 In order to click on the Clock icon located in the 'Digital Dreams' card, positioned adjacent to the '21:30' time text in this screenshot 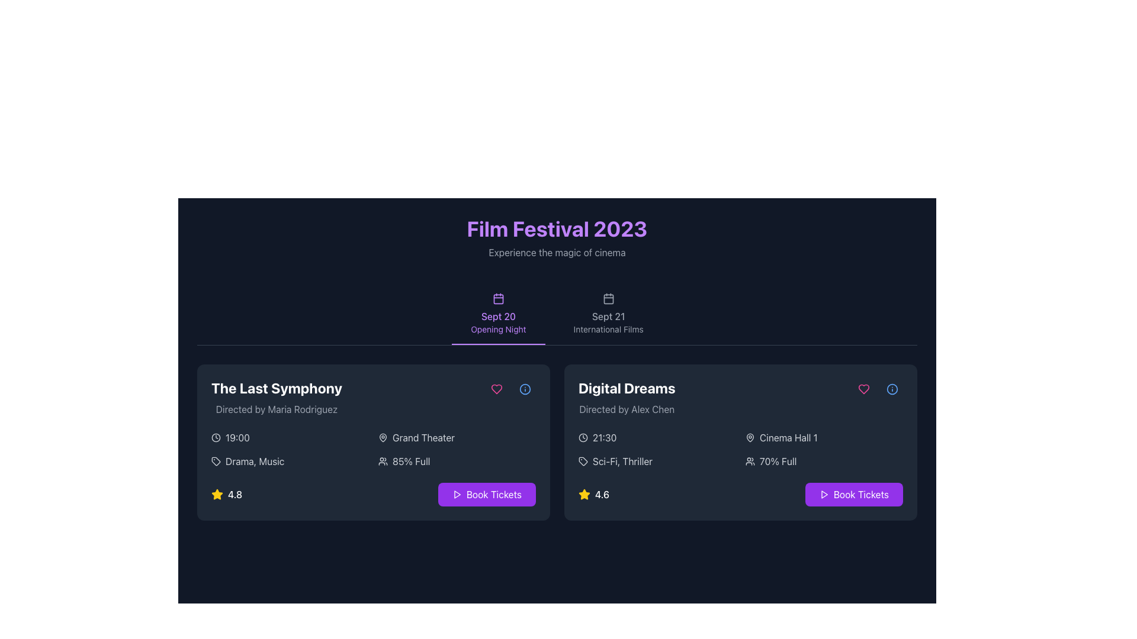, I will do `click(583, 438)`.